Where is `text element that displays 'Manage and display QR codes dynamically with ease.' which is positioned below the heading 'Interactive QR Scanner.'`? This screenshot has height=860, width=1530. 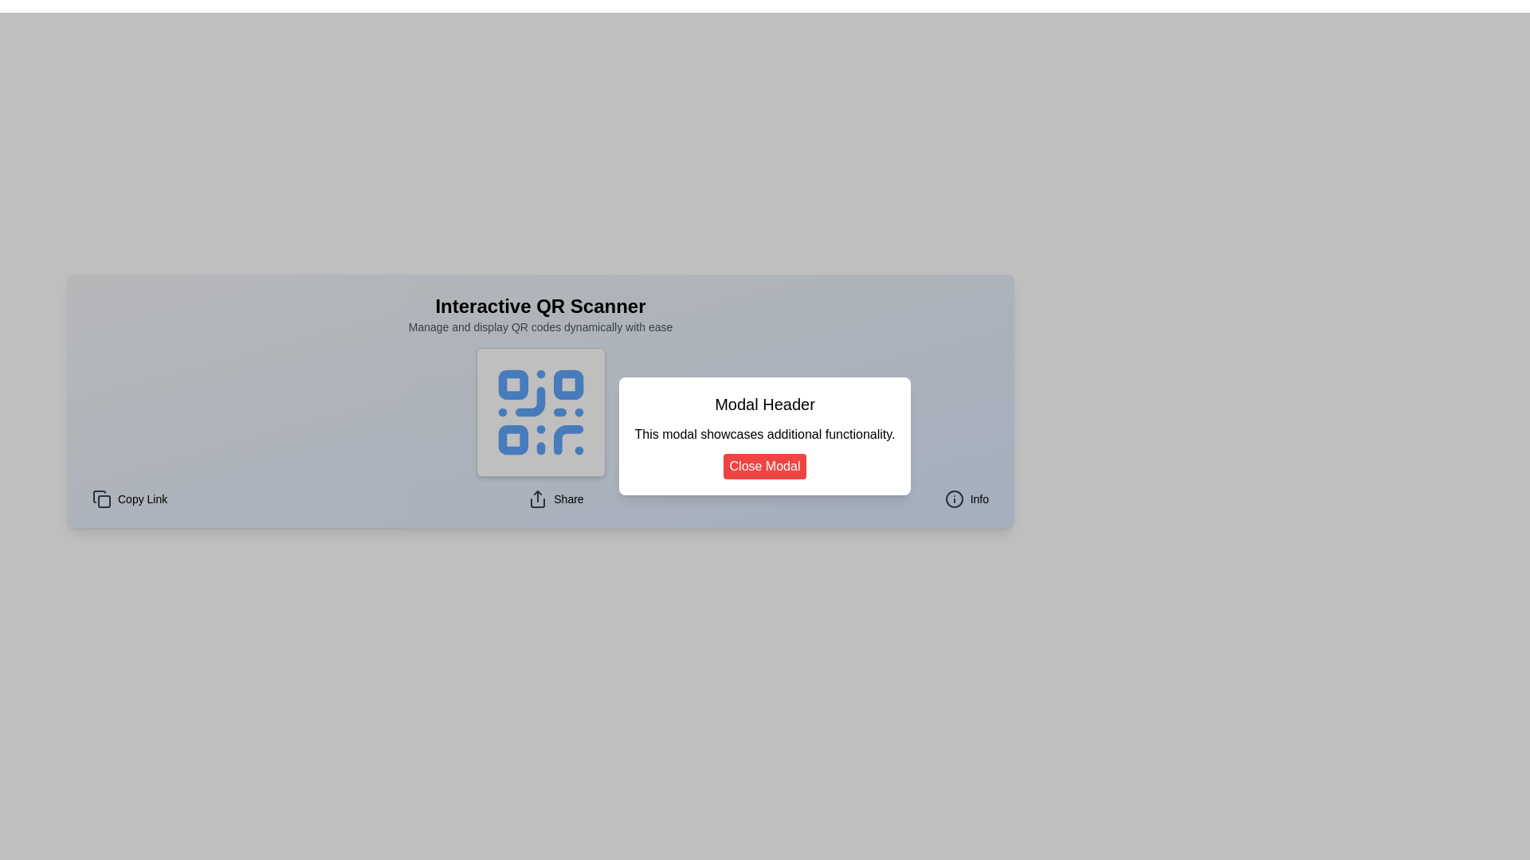 text element that displays 'Manage and display QR codes dynamically with ease.' which is positioned below the heading 'Interactive QR Scanner.' is located at coordinates (540, 326).